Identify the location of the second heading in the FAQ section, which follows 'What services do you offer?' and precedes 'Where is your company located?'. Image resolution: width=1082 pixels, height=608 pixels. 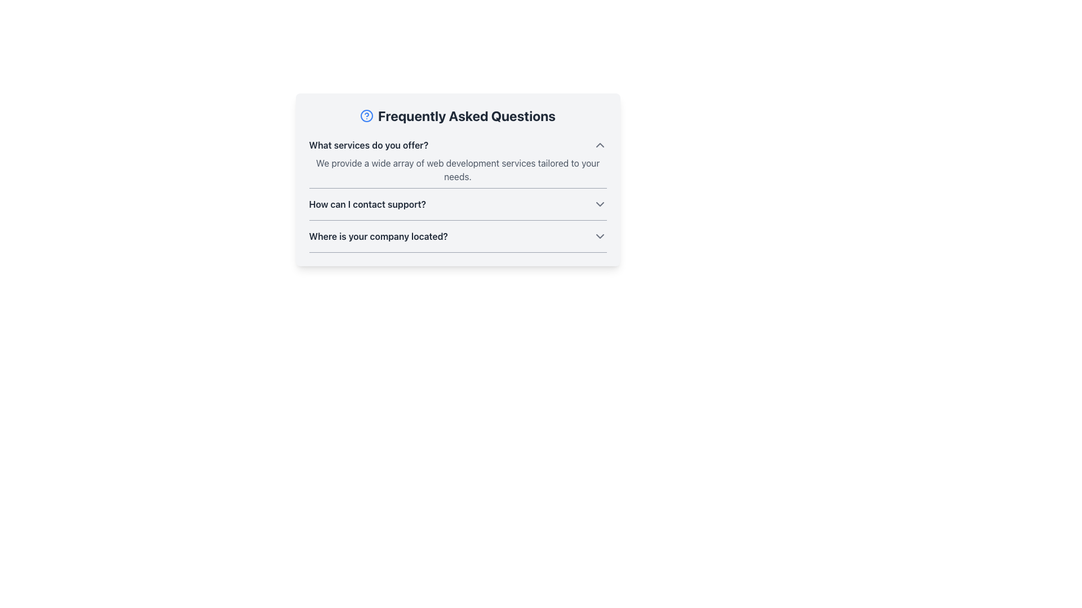
(367, 204).